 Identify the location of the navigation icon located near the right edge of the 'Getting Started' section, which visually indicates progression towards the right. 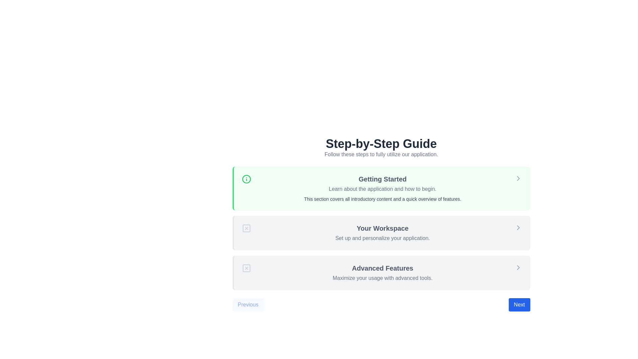
(518, 267).